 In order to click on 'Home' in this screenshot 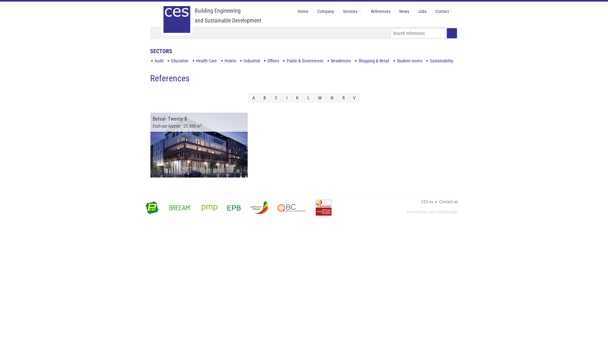, I will do `click(293, 11)`.